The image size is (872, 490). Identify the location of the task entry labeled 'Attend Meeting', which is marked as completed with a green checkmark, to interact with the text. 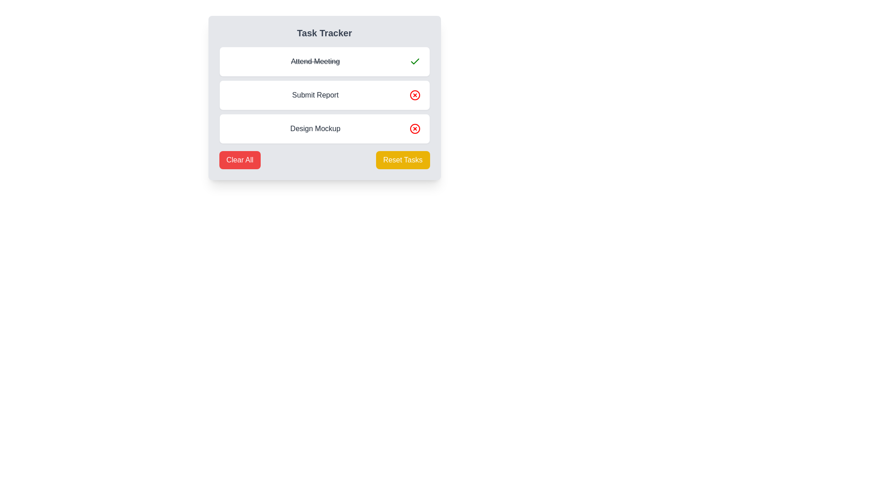
(324, 61).